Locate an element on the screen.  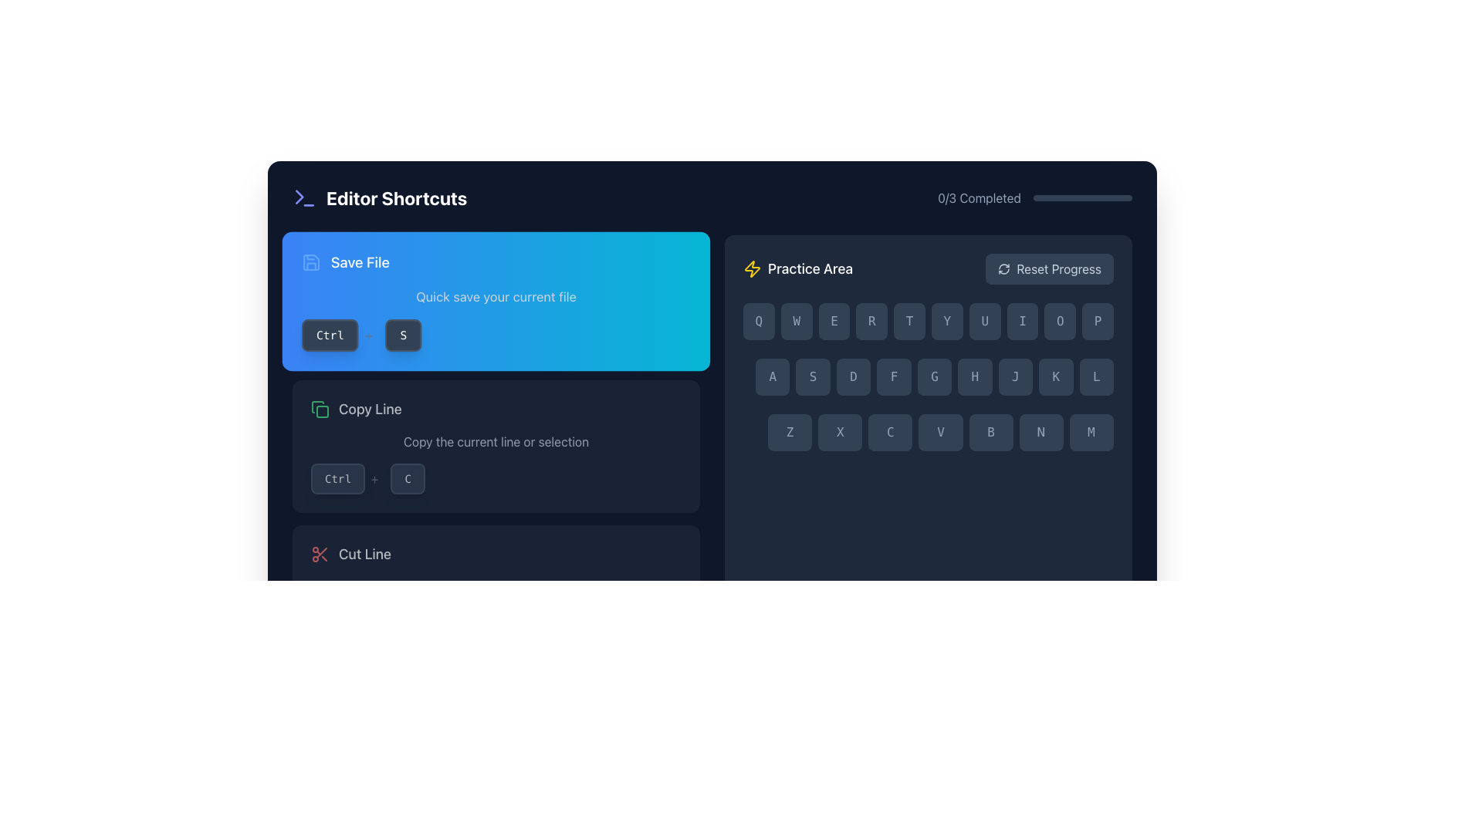
the rectangular button with a rounded border and dark background, labeled 'U', located in the 'Practice Area' keyboard layout is located at coordinates (984, 320).